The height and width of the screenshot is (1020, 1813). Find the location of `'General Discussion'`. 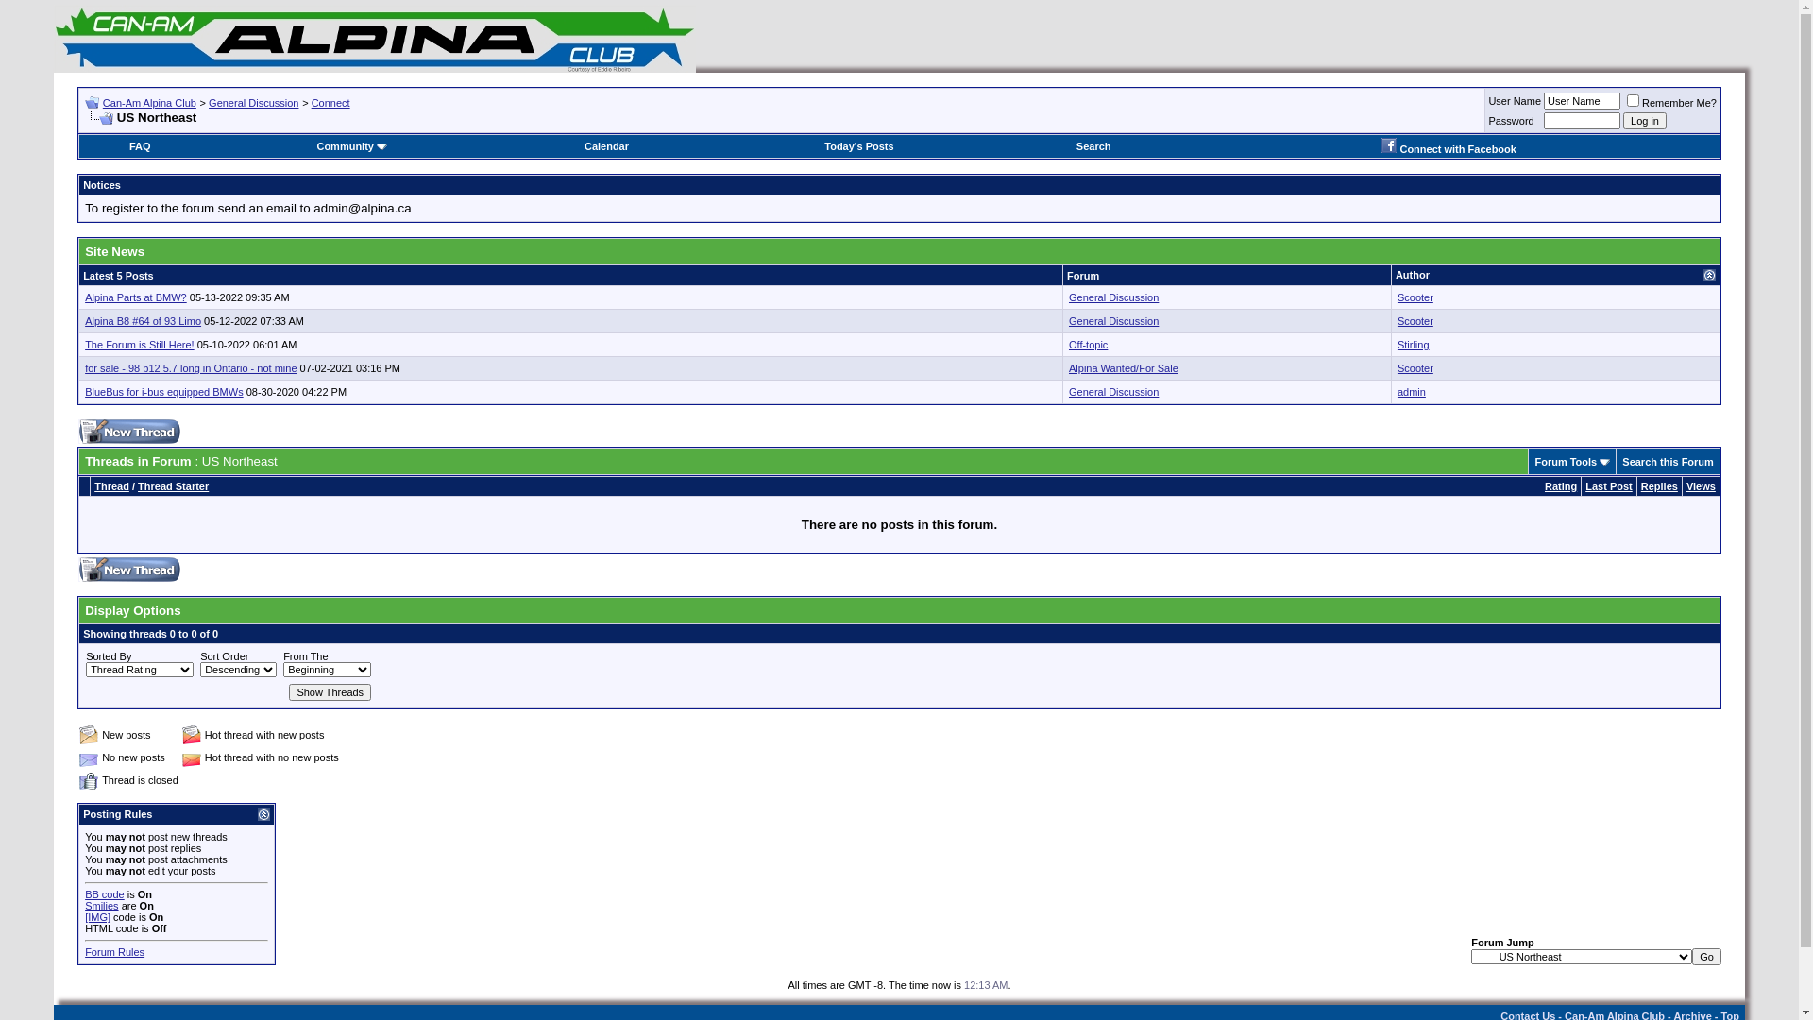

'General Discussion' is located at coordinates (1113, 319).